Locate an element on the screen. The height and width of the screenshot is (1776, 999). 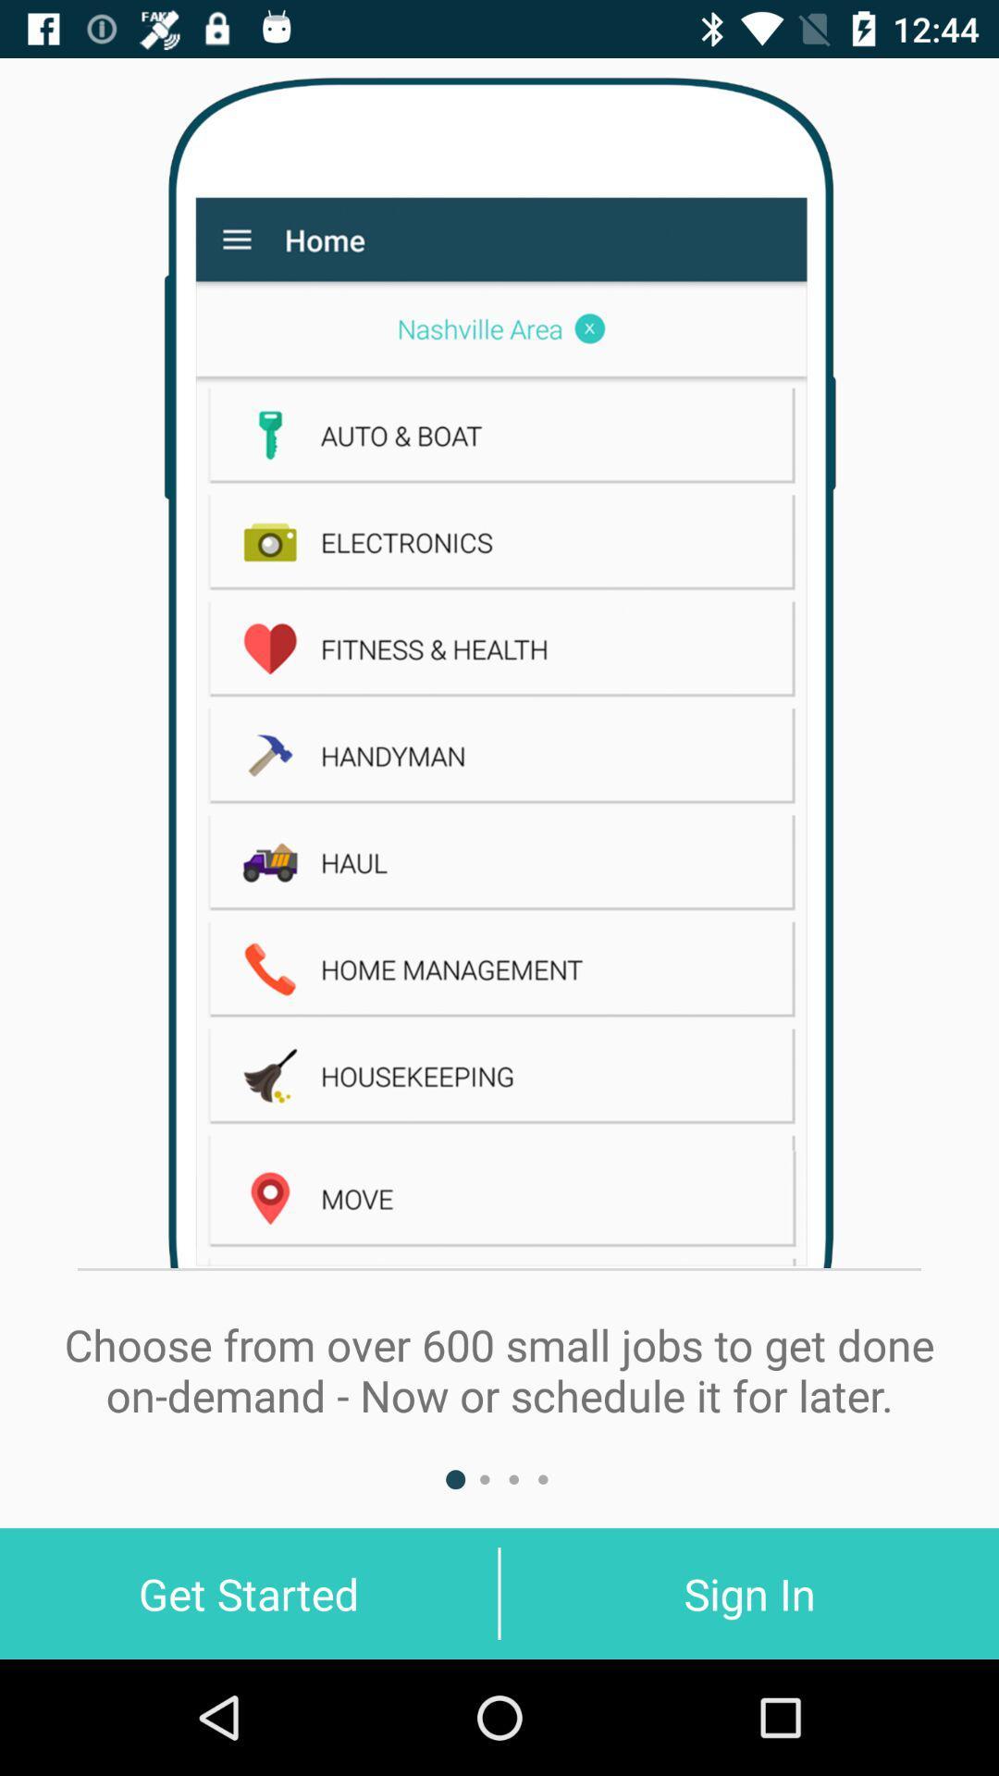
the icon at the bottom right corner is located at coordinates (749, 1593).